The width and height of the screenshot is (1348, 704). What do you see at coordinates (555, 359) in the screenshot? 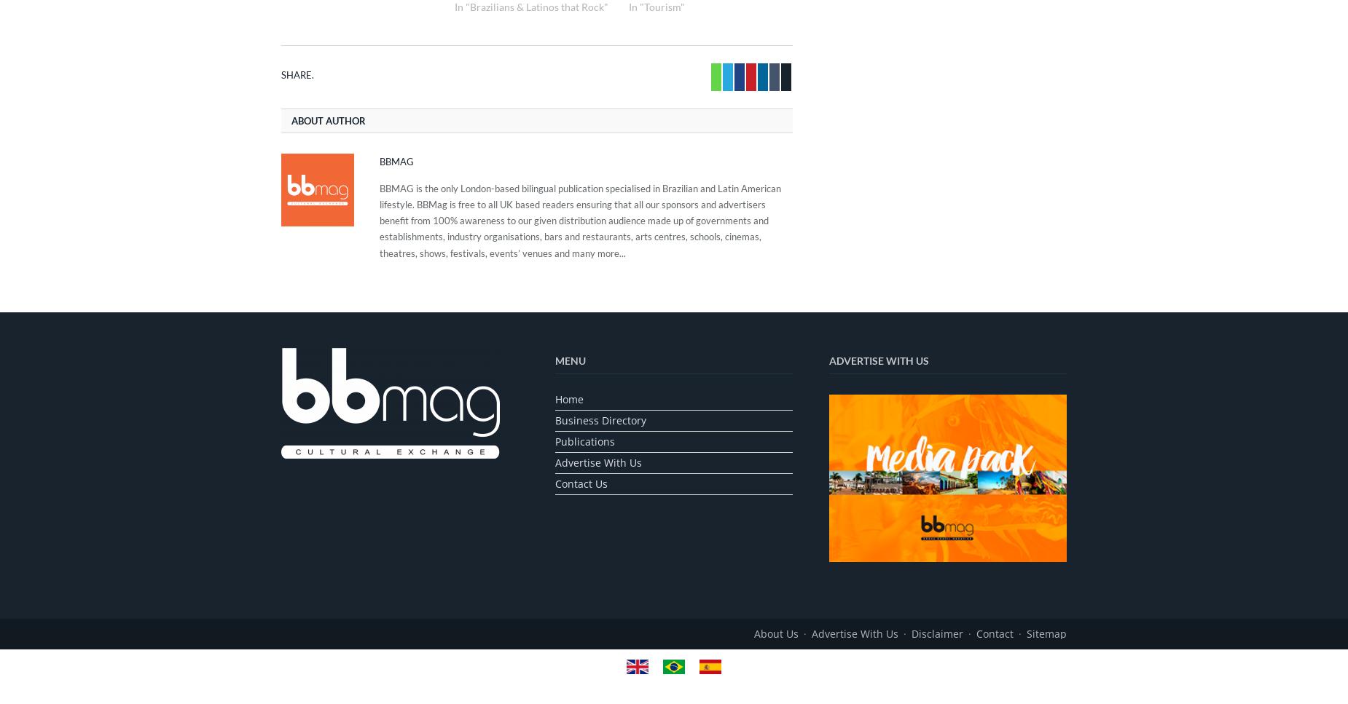
I see `'Menu'` at bounding box center [555, 359].